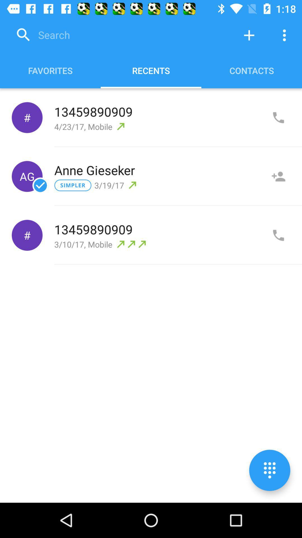  Describe the element at coordinates (269, 470) in the screenshot. I see `switch to numeric keypad` at that location.